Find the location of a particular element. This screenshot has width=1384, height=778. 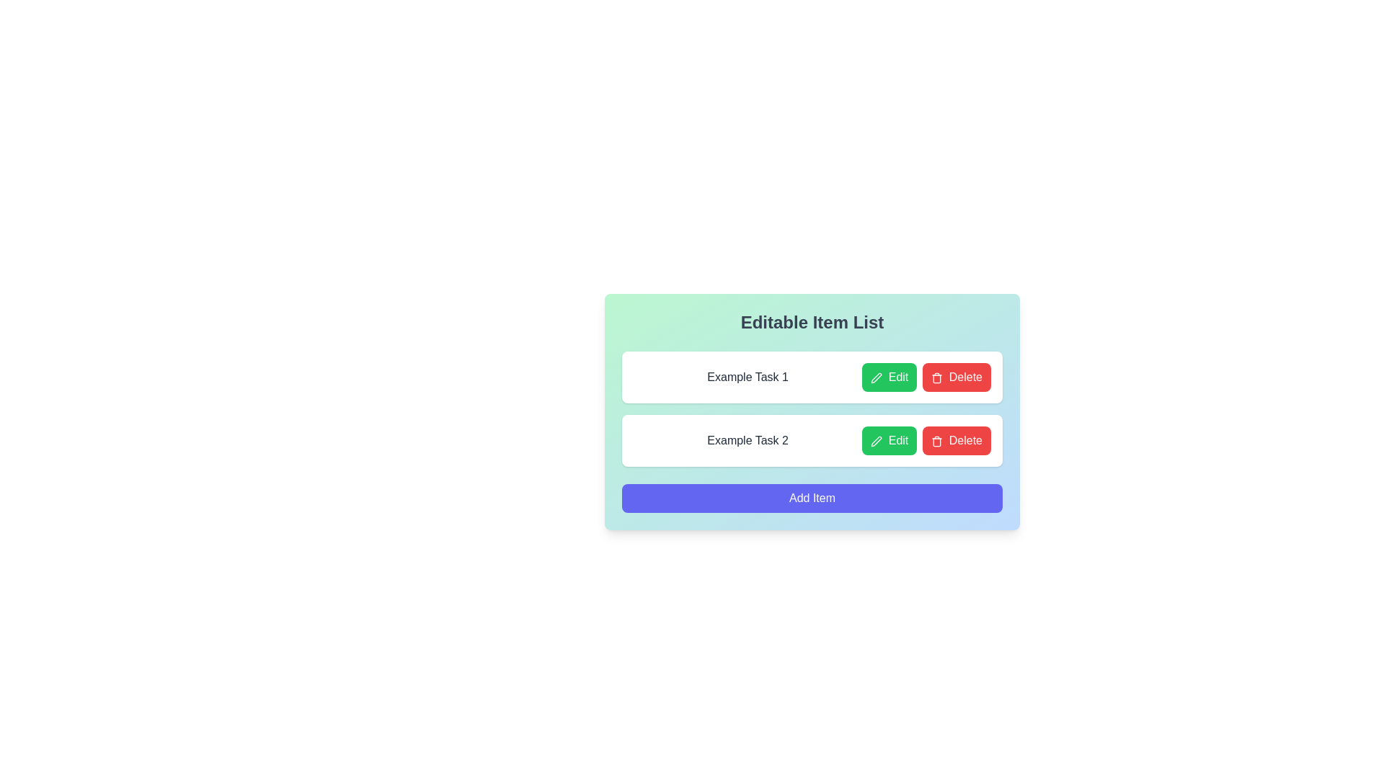

the edit action icon located inside the 'Edit' button of the second list entry row labeled 'Example Task 2', which is positioned to the right of the task label and to the left of the red 'Delete' button is located at coordinates (876, 440).